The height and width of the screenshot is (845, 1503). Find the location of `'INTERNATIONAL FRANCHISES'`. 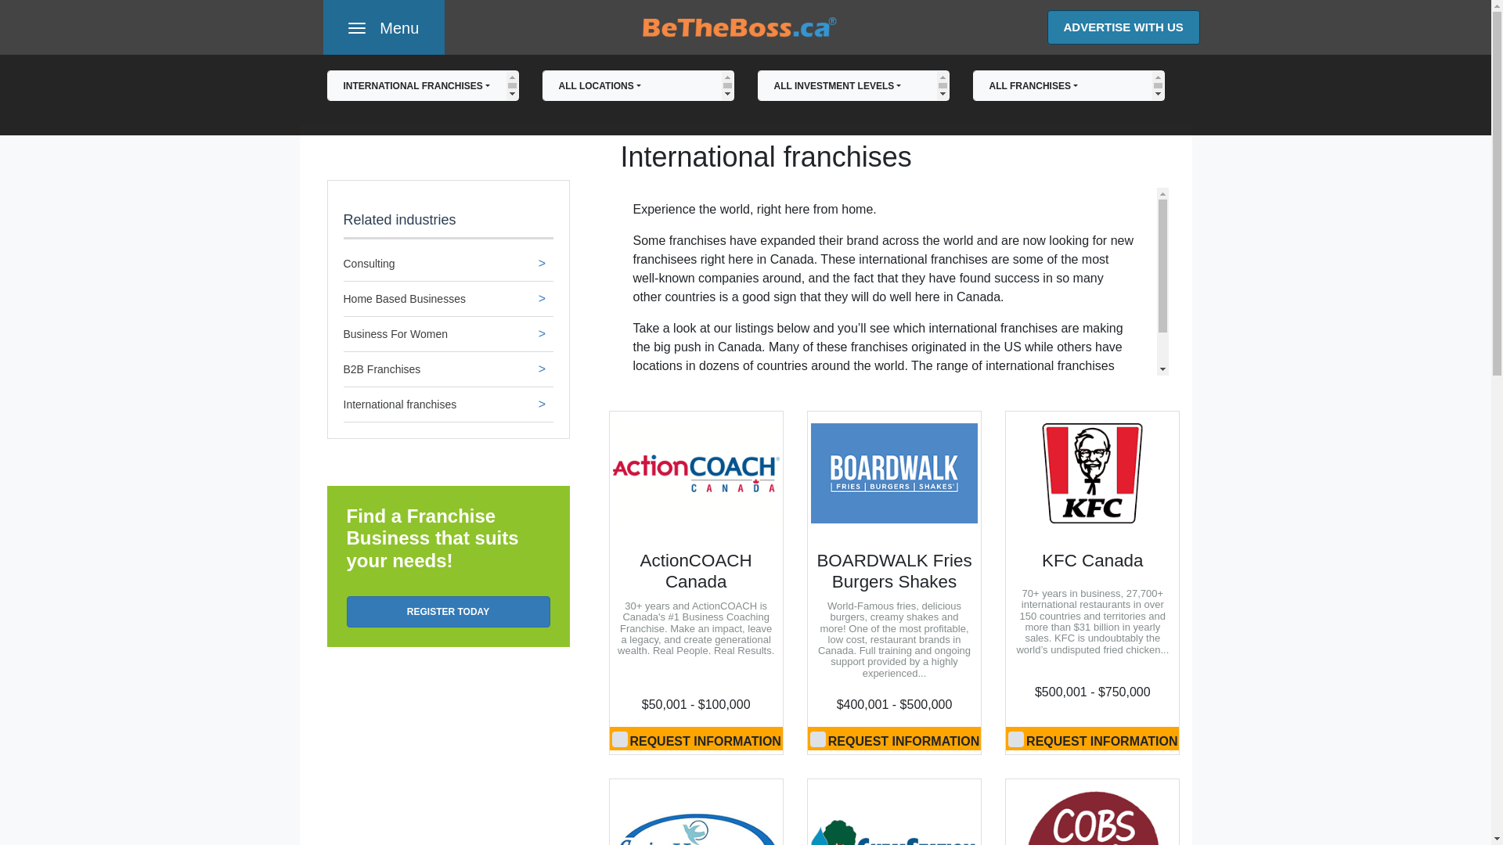

'INTERNATIONAL FRANCHISES' is located at coordinates (423, 85).